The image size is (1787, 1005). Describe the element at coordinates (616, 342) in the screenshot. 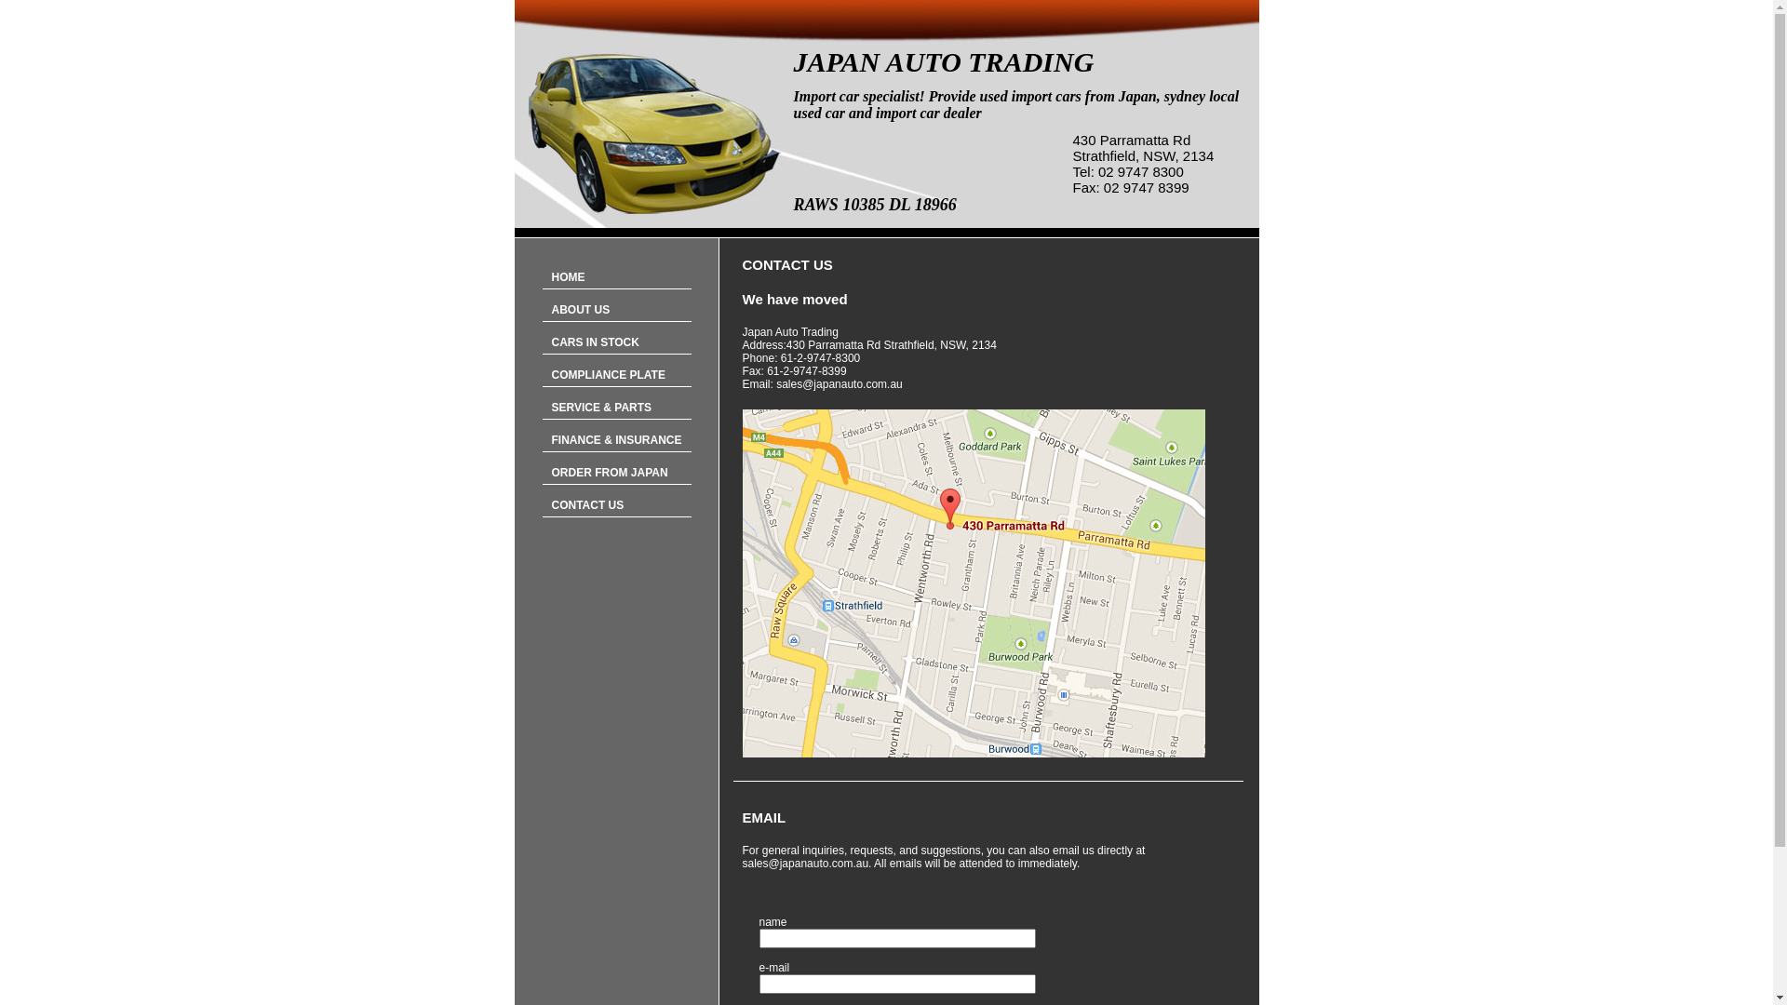

I see `'CARS IN STOCK'` at that location.